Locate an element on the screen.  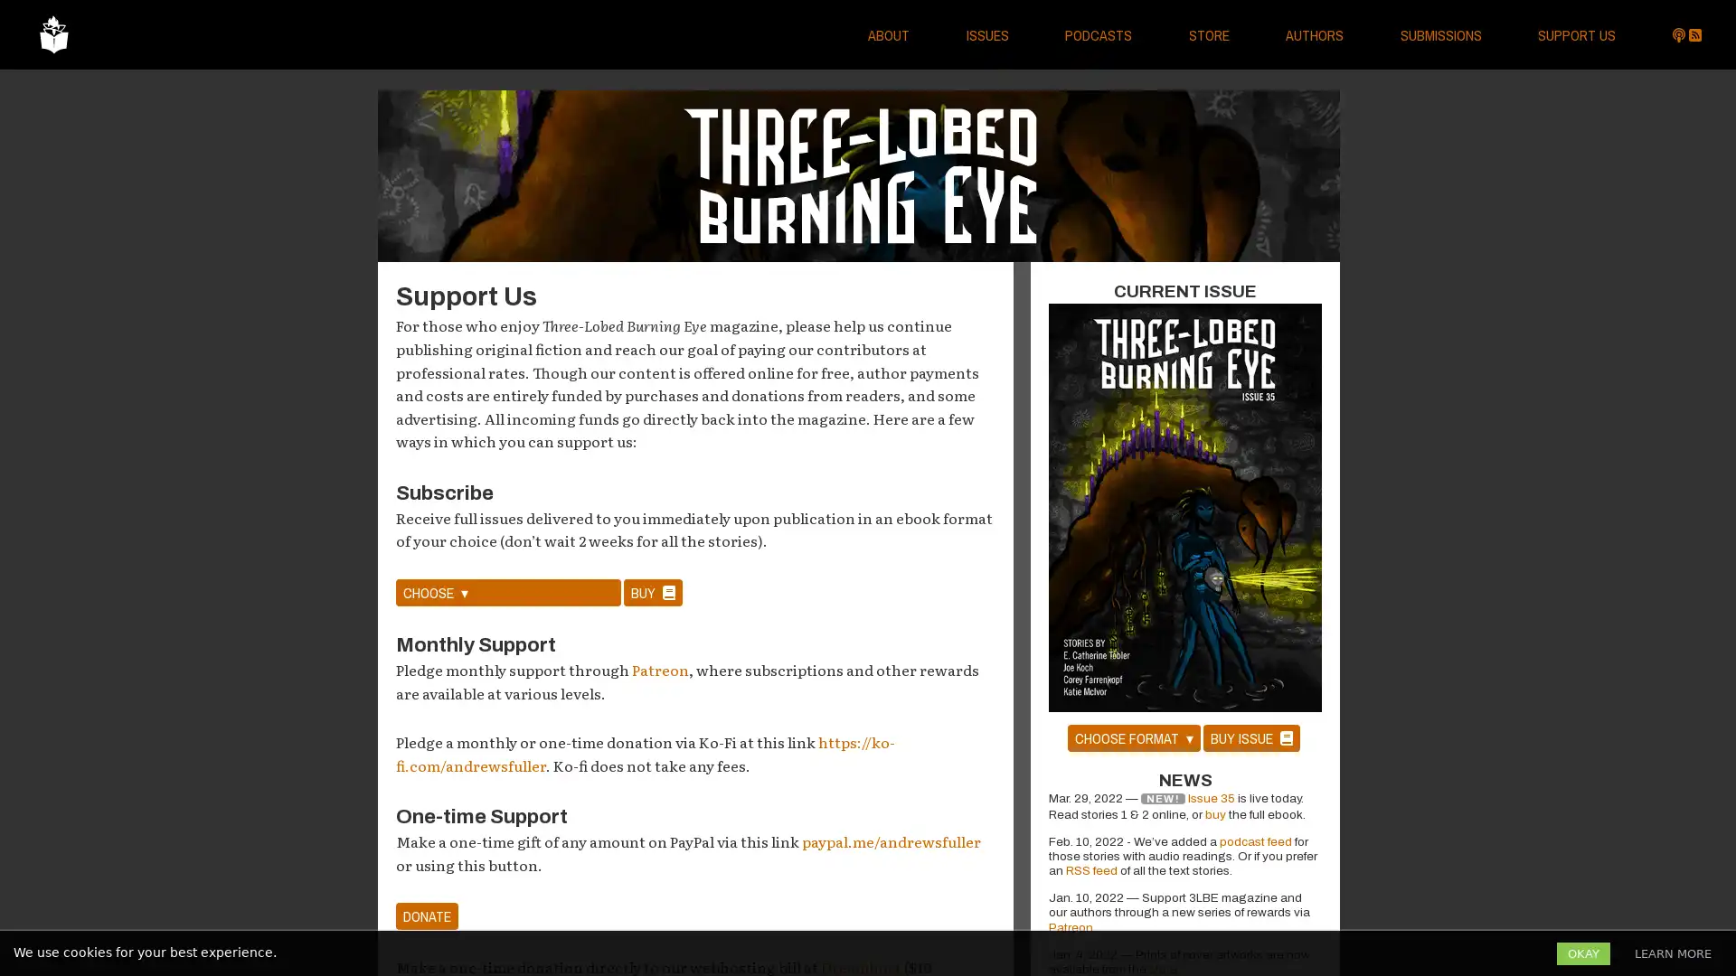
BUY ISSUE is located at coordinates (1250, 737).